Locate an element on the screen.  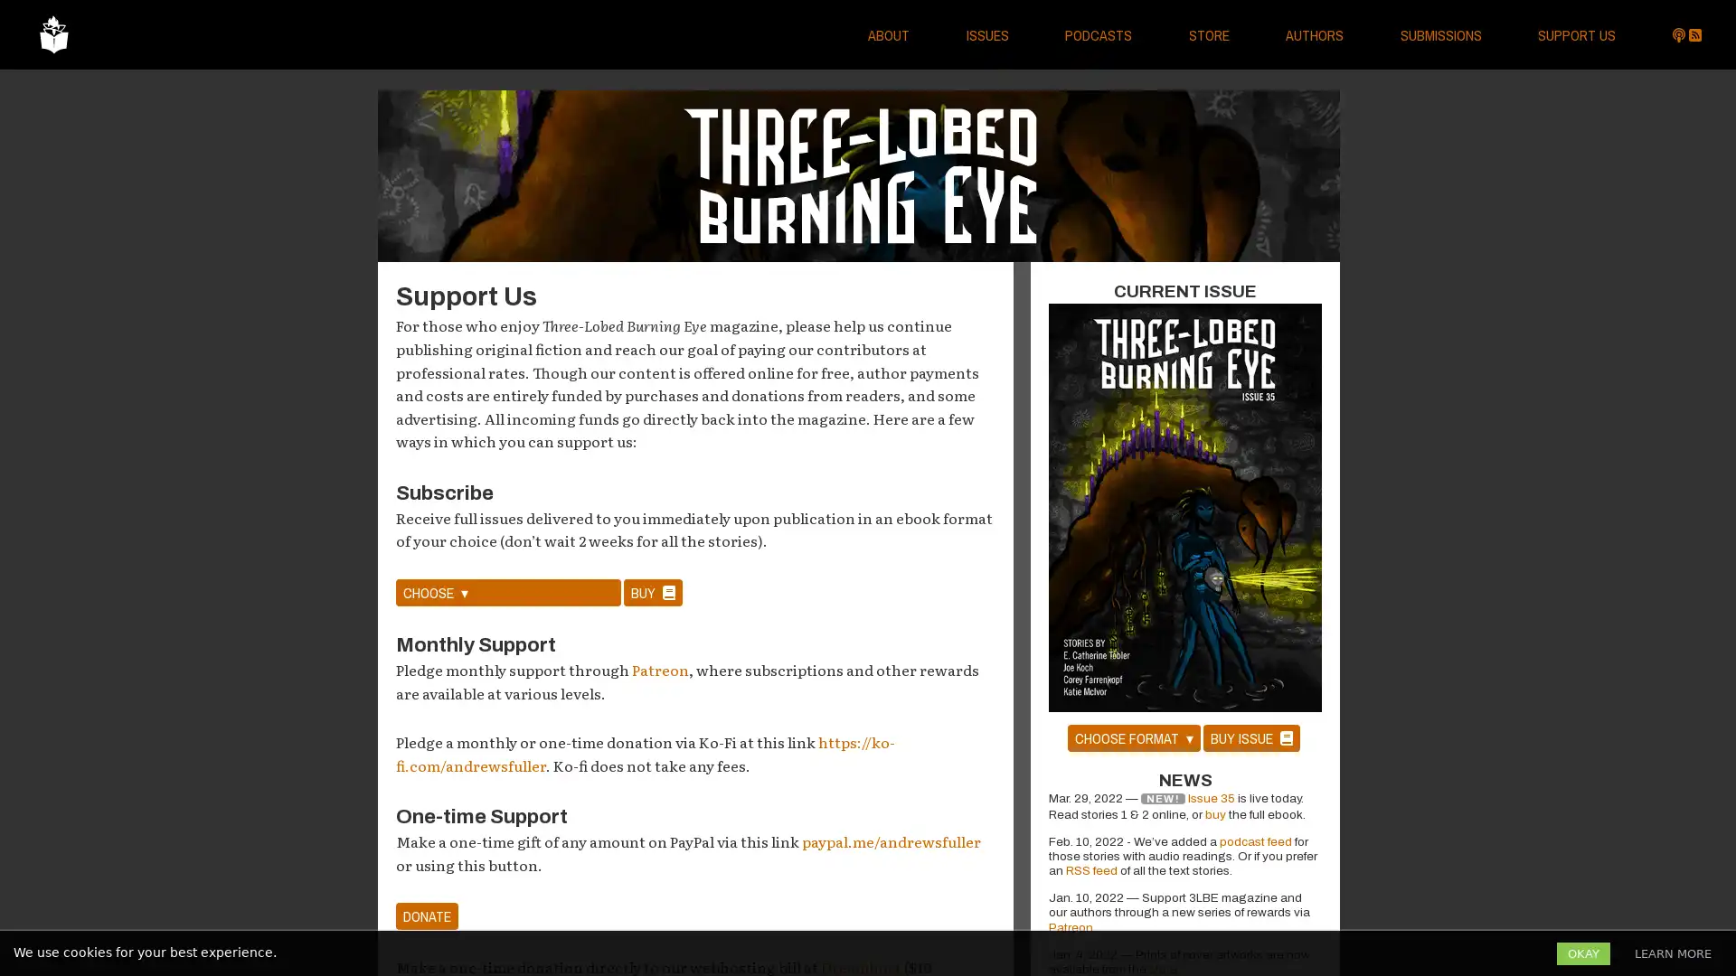
BUY ISSUE is located at coordinates (1250, 737).